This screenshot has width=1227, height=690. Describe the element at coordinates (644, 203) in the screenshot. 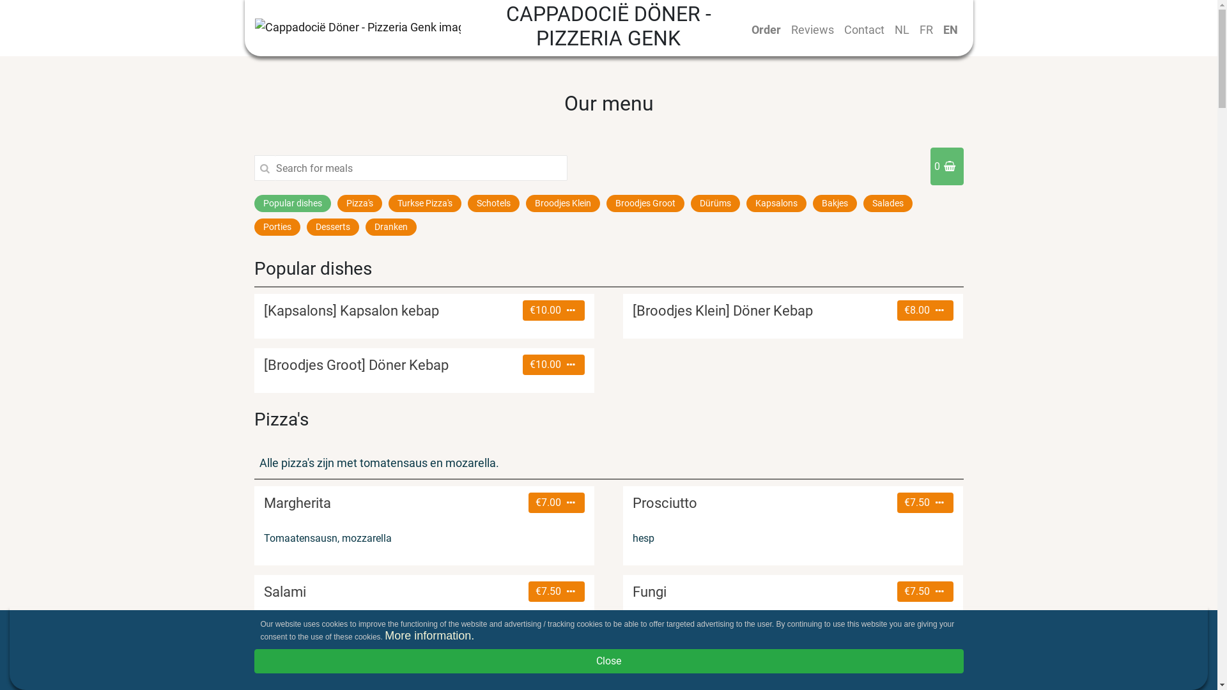

I see `'Broodjes Groot'` at that location.